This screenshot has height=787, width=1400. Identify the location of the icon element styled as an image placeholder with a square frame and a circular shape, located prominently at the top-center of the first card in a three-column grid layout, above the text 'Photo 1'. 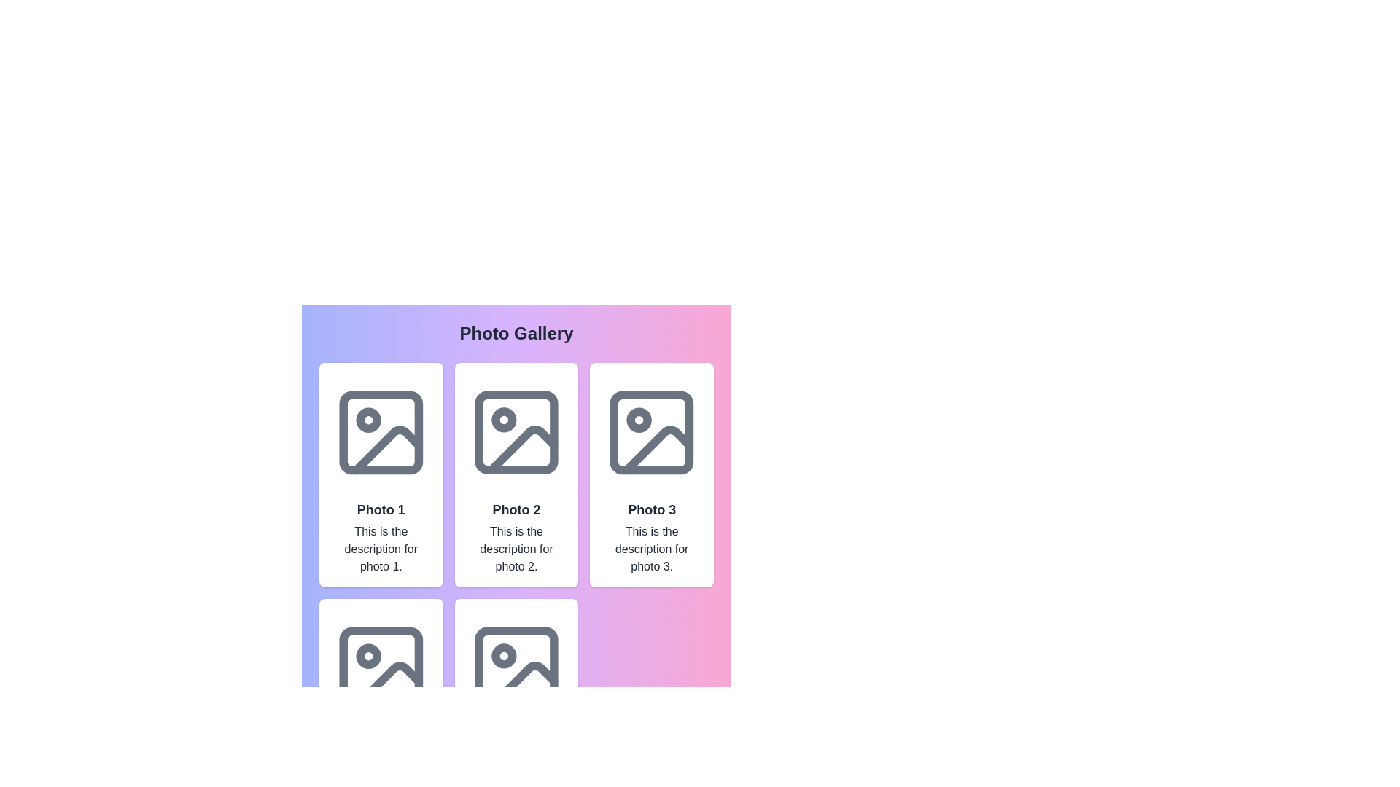
(381, 432).